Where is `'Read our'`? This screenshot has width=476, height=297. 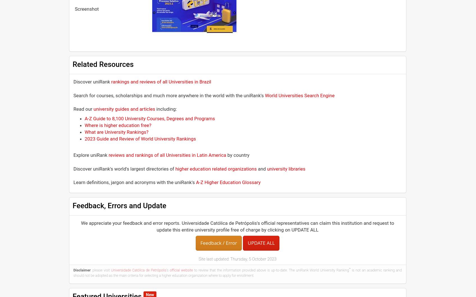
'Read our' is located at coordinates (73, 109).